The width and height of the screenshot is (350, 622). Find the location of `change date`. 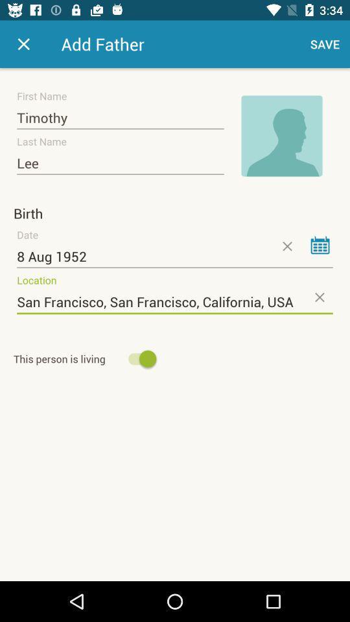

change date is located at coordinates (320, 244).